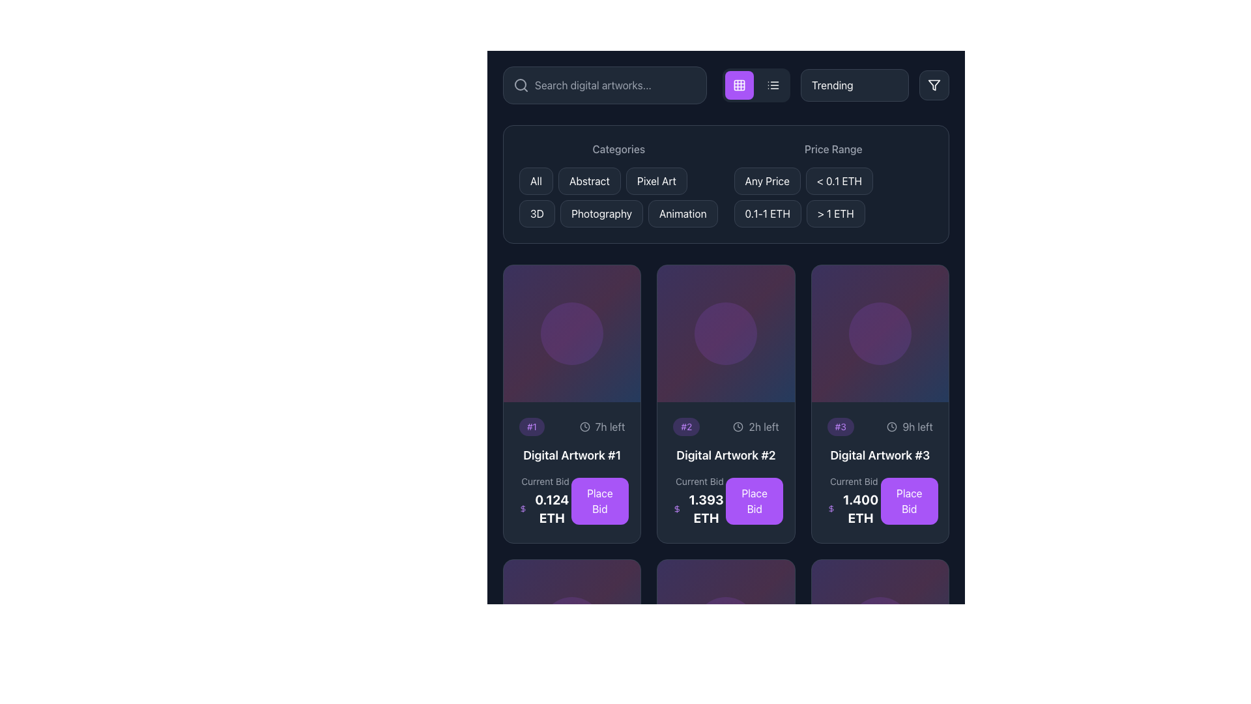  Describe the element at coordinates (682, 213) in the screenshot. I see `the 'Animation' category selector button` at that location.